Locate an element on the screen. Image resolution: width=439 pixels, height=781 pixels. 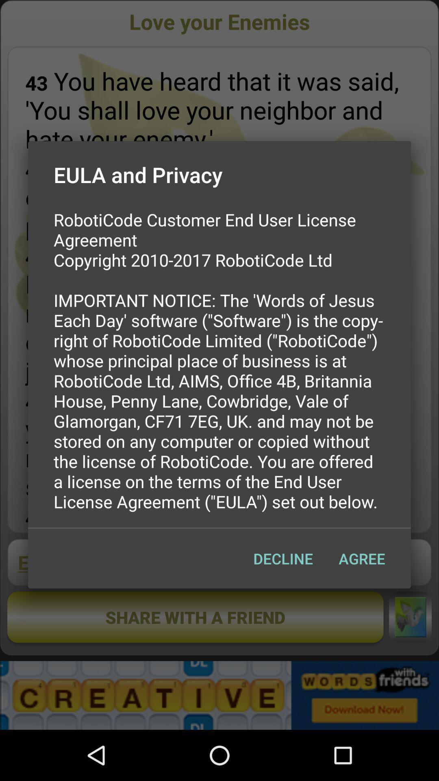
decline icon is located at coordinates (283, 558).